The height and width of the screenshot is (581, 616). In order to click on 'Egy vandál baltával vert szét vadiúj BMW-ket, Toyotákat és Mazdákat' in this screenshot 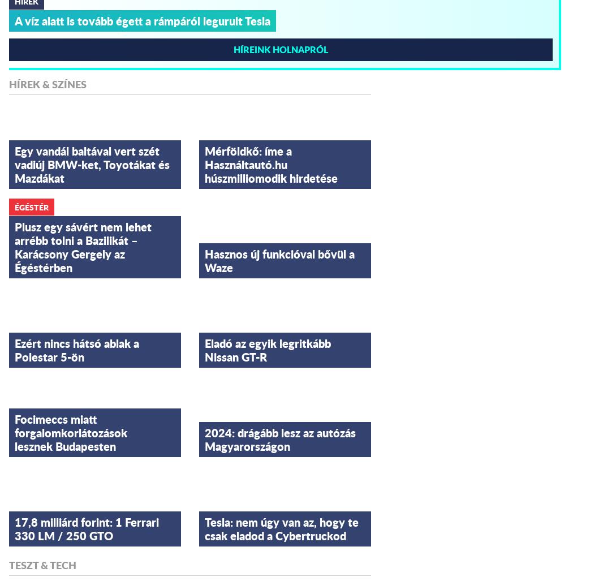, I will do `click(92, 163)`.